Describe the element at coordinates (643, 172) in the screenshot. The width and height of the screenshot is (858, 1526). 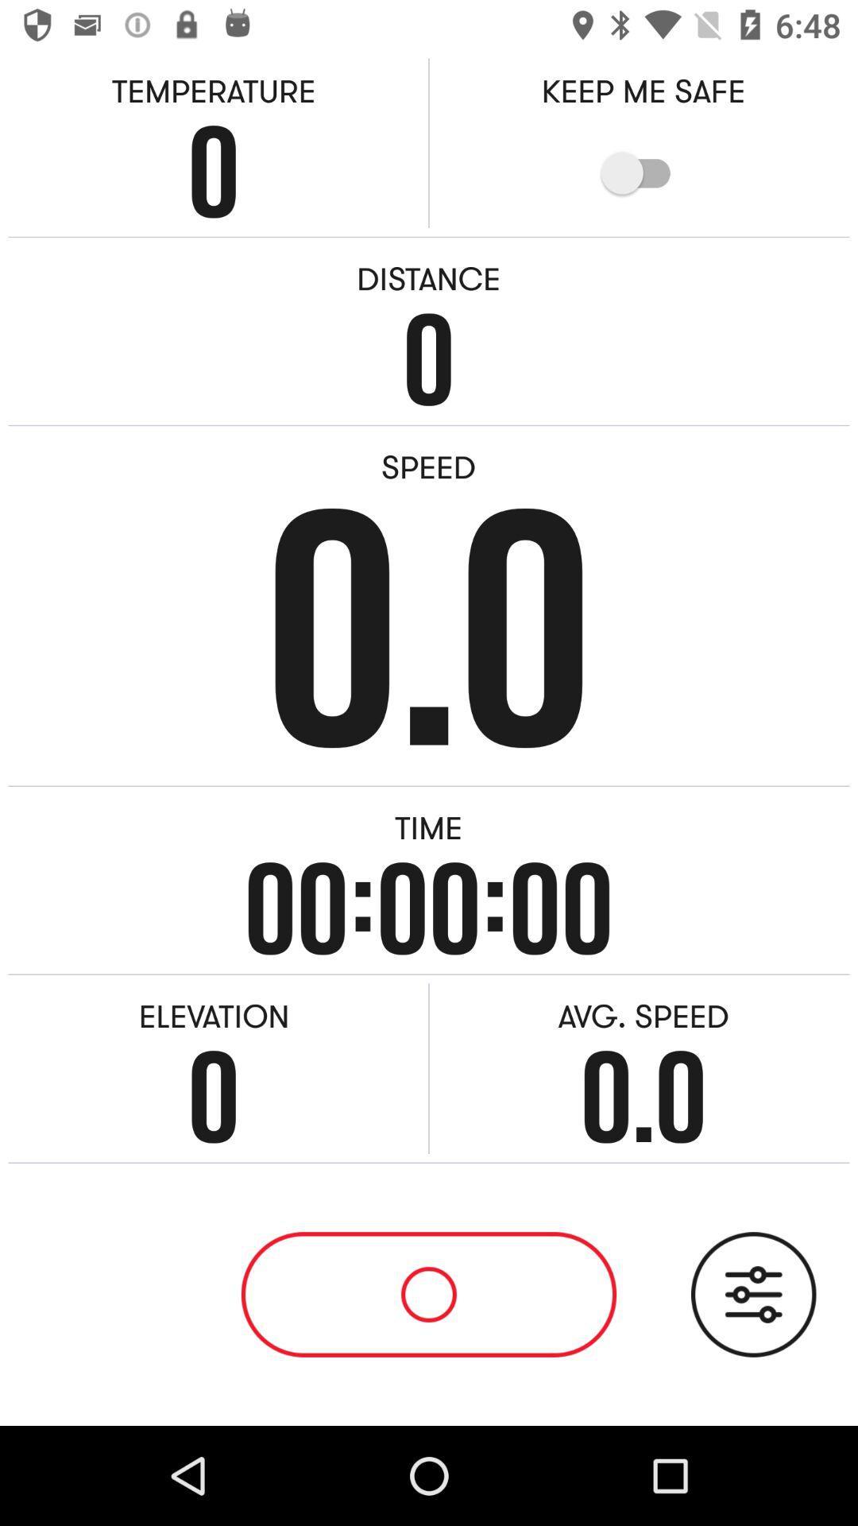
I see `item below the keep me safe item` at that location.